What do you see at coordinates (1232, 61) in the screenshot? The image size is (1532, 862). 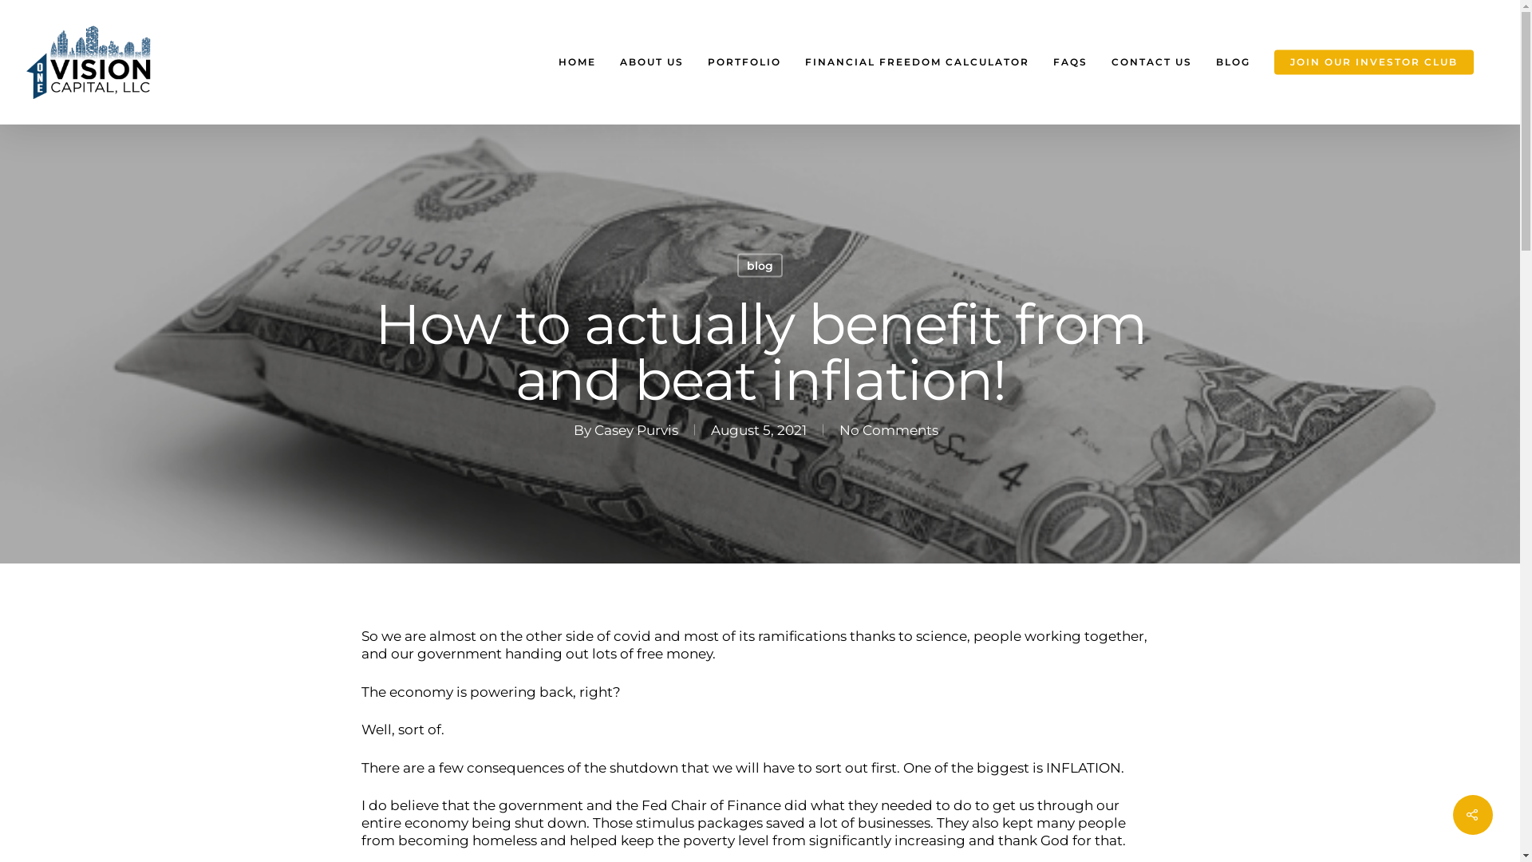 I see `'BLOG'` at bounding box center [1232, 61].